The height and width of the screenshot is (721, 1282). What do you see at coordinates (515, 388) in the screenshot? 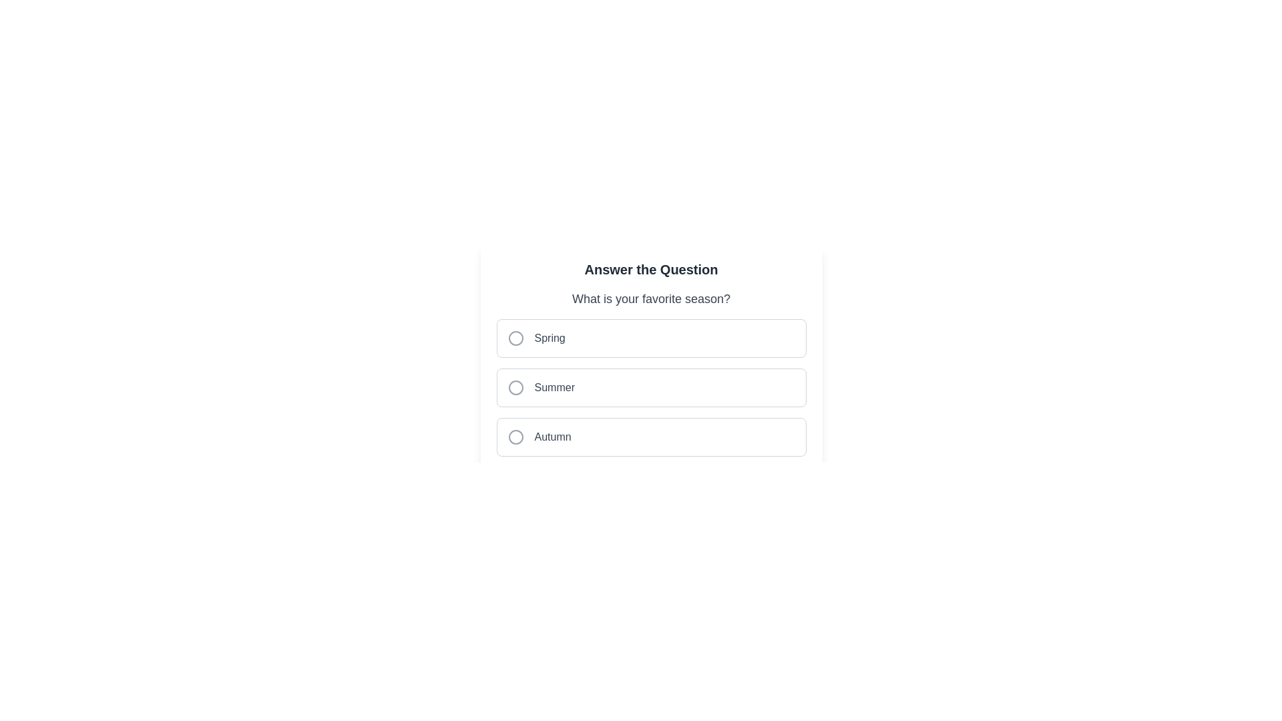
I see `the radio button that represents the 'Summer' option, which is a circular button with a thin gray border located before the text 'Summer'` at bounding box center [515, 388].